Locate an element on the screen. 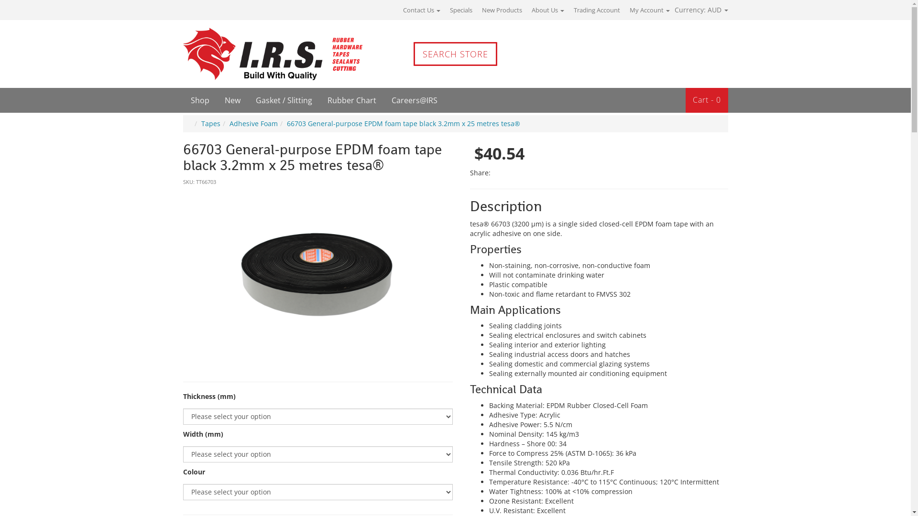 The image size is (918, 516). 'SEARCH STORE' is located at coordinates (455, 54).